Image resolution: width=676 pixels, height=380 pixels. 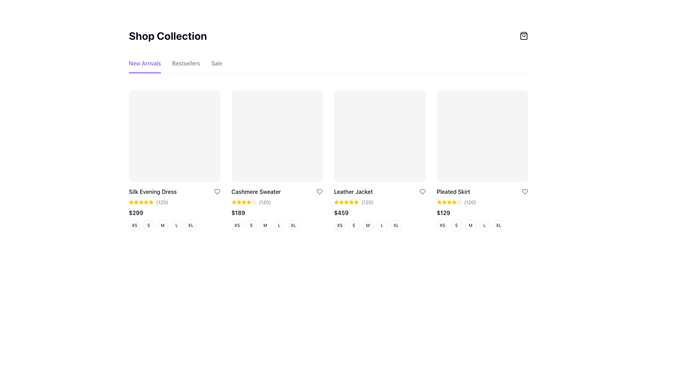 I want to click on the first star in the rating system under the 'Cashmere Sweater' product card in the 'New Arrivals' section to adjust the rating, so click(x=239, y=202).